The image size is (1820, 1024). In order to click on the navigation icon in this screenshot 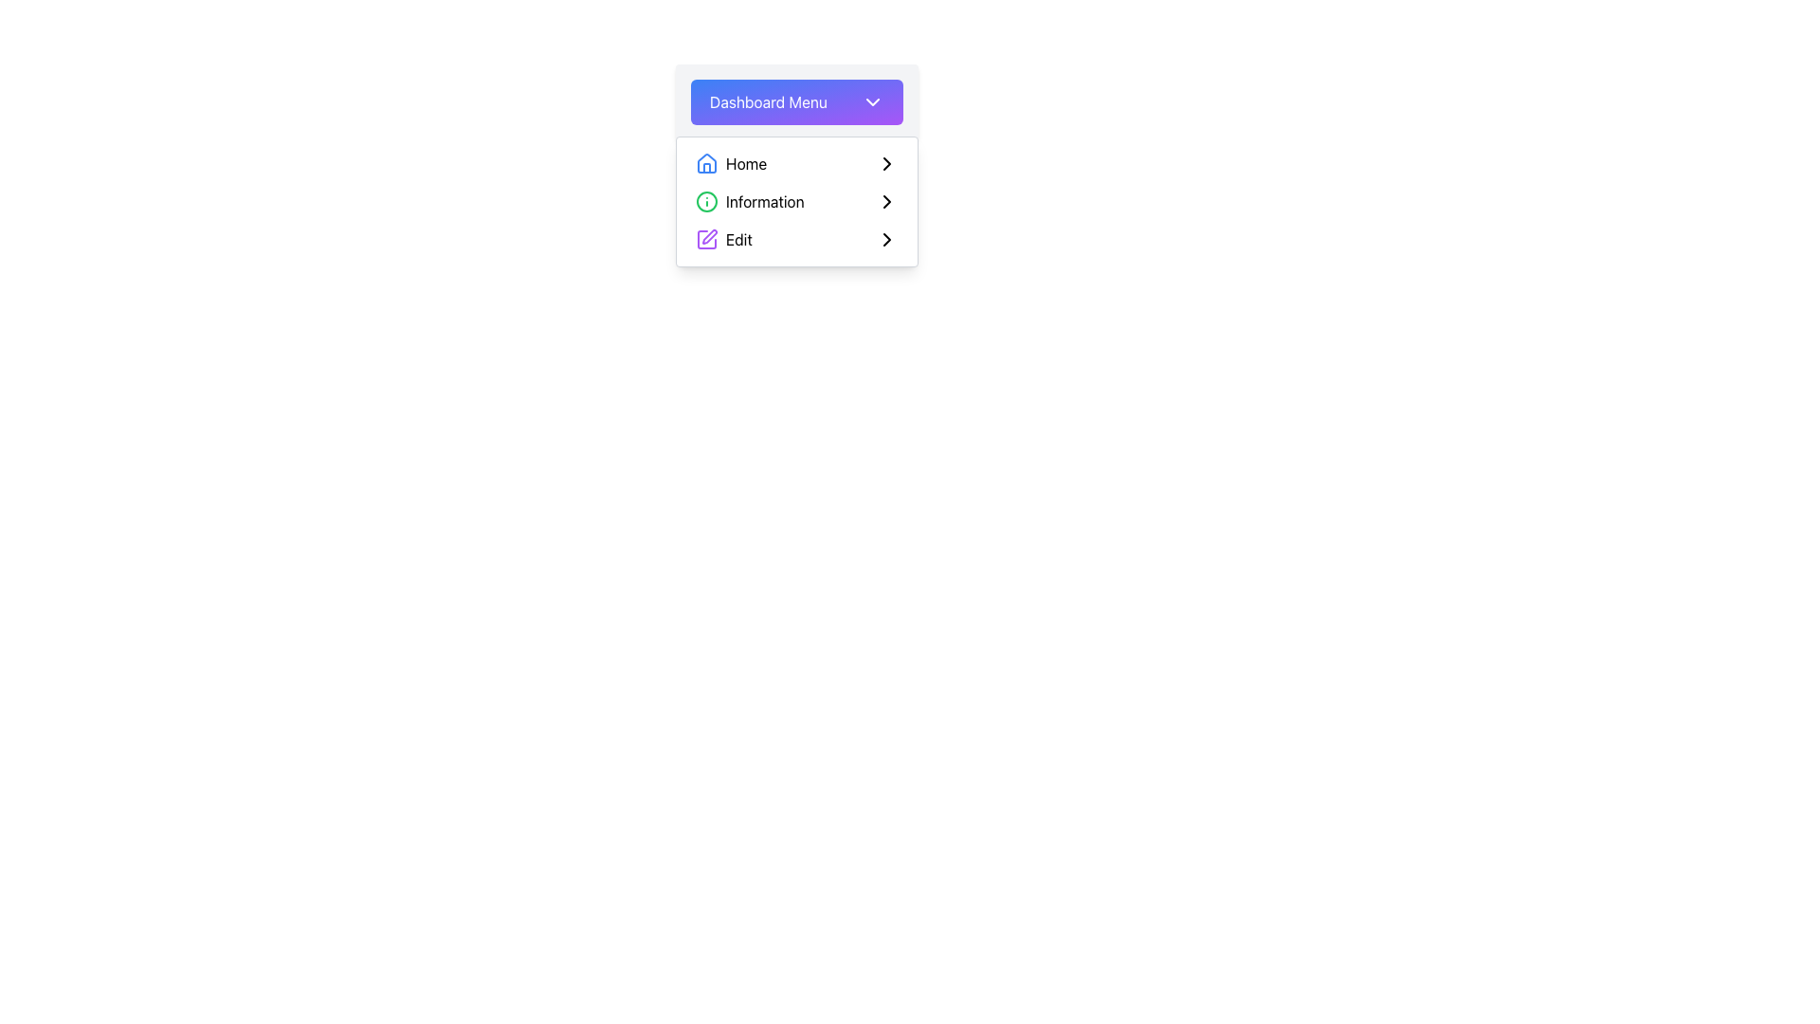, I will do `click(886, 201)`.